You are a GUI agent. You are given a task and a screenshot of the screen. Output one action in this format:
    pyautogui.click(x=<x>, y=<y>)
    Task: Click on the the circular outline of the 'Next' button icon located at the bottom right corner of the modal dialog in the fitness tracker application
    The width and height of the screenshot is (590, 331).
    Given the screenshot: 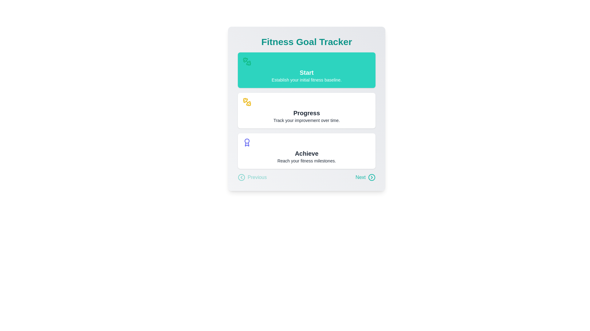 What is the action you would take?
    pyautogui.click(x=371, y=177)
    